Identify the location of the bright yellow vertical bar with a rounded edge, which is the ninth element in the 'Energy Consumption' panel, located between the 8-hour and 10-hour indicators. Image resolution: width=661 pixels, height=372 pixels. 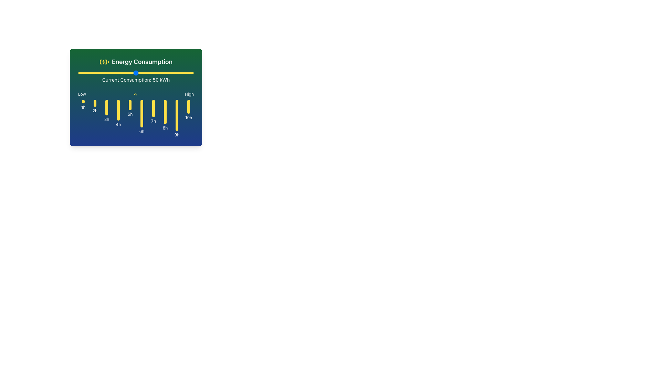
(177, 115).